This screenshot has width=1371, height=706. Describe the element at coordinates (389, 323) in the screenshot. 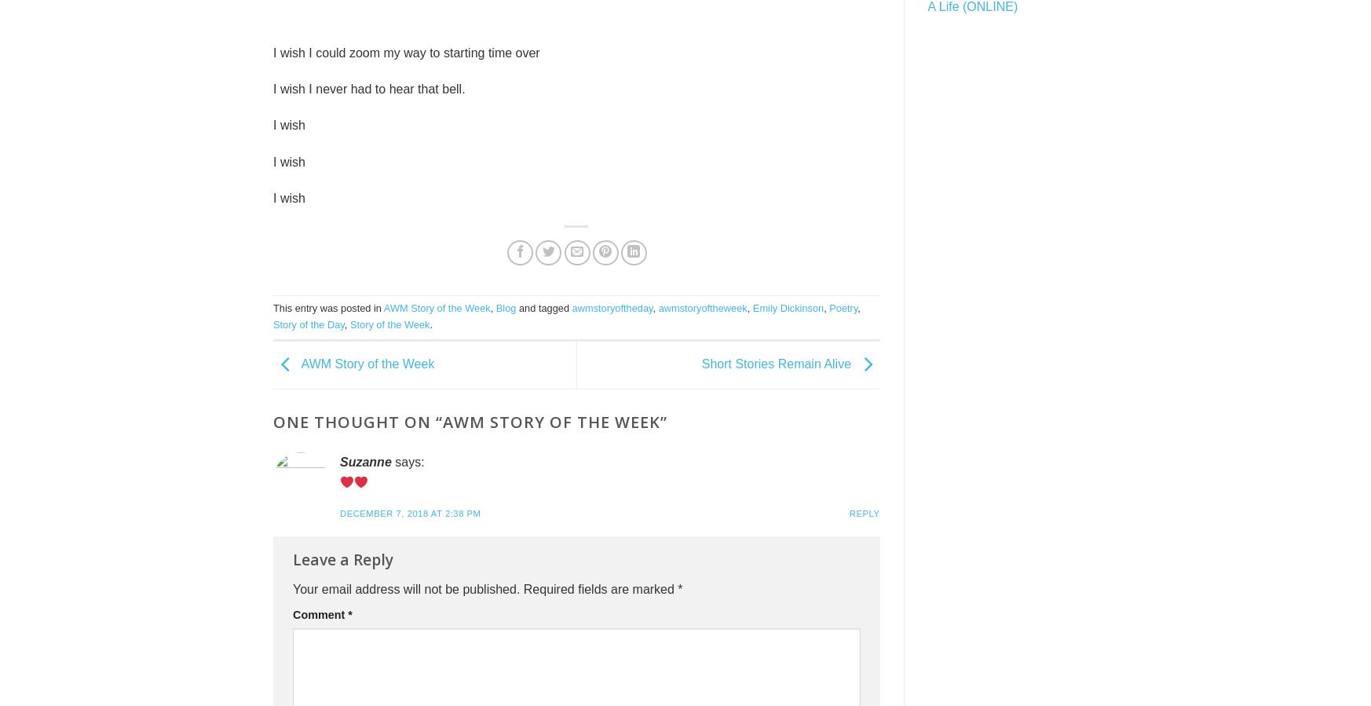

I see `'Story of the Week'` at that location.